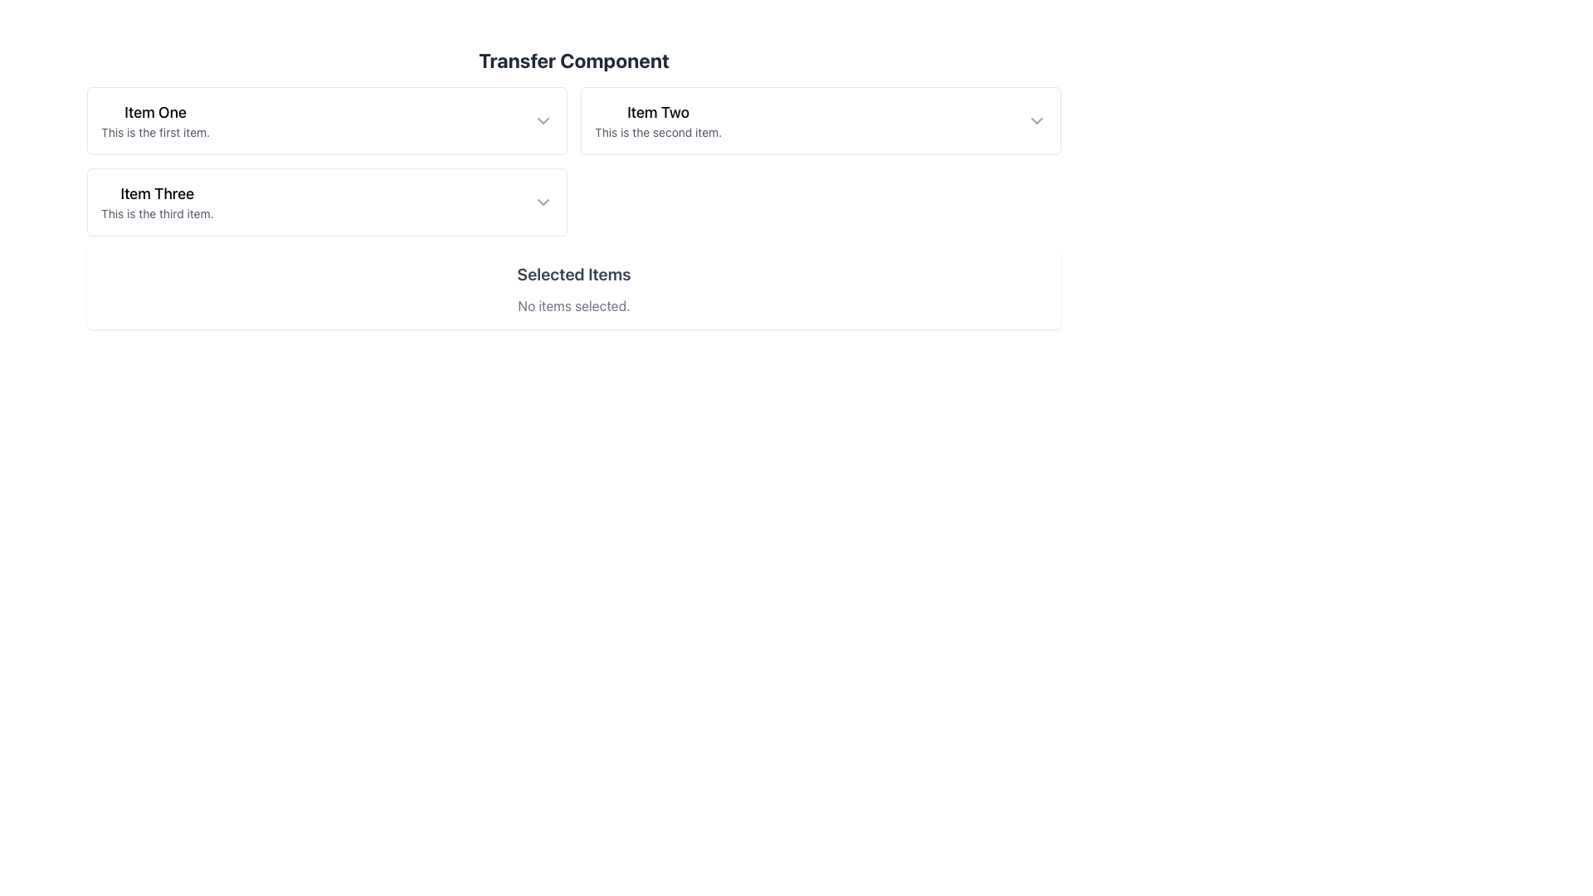 The width and height of the screenshot is (1593, 896). What do you see at coordinates (157, 201) in the screenshot?
I see `the displayed text of the third item in the vertical list located in the left section of the interface, which is part of a bordered card component beneath 'Item One'` at bounding box center [157, 201].